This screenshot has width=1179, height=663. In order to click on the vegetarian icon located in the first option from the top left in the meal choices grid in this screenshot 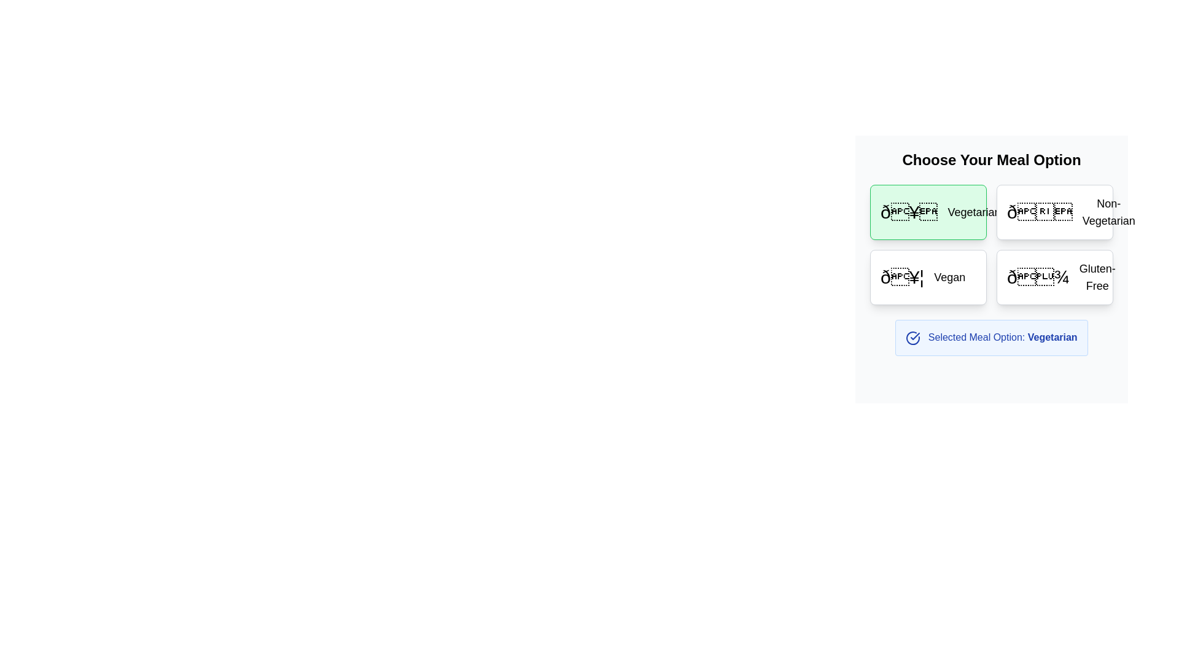, I will do `click(909, 212)`.